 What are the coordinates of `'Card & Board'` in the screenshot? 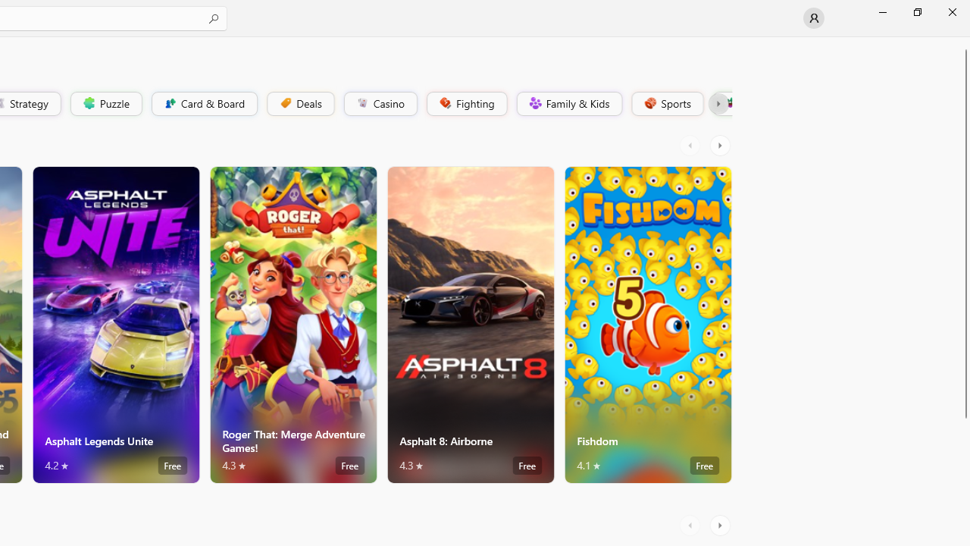 It's located at (202, 102).